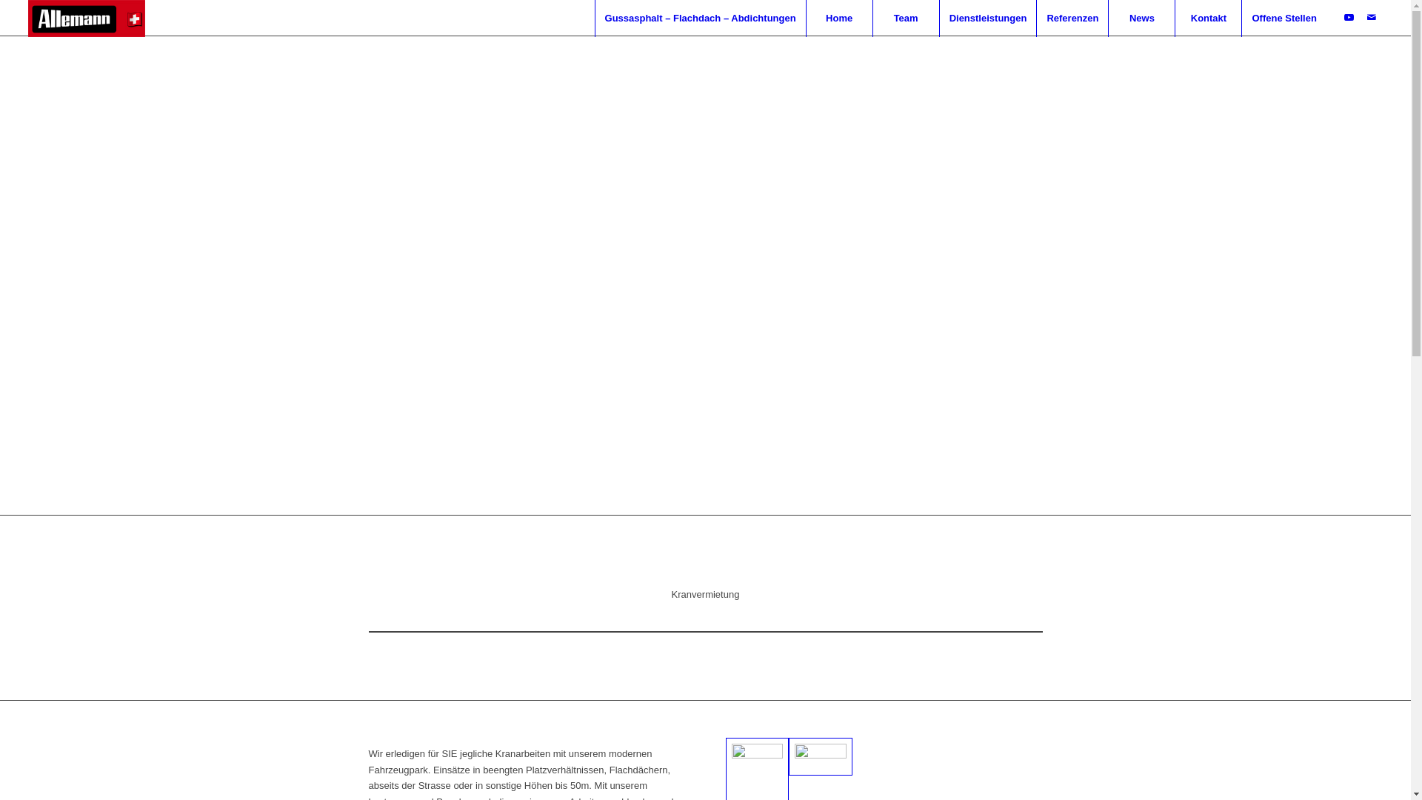 This screenshot has height=800, width=1422. What do you see at coordinates (988, 18) in the screenshot?
I see `'Dienstleistungen'` at bounding box center [988, 18].